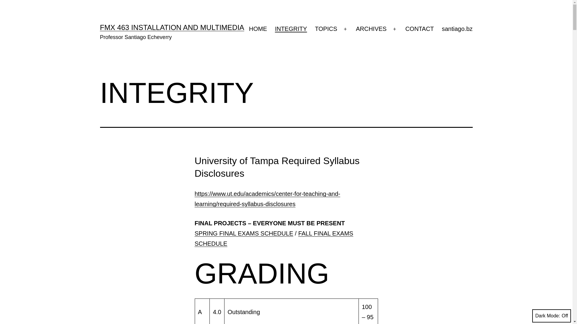  What do you see at coordinates (244, 233) in the screenshot?
I see `'SPRING FINAL EXAMS SCHEDULE'` at bounding box center [244, 233].